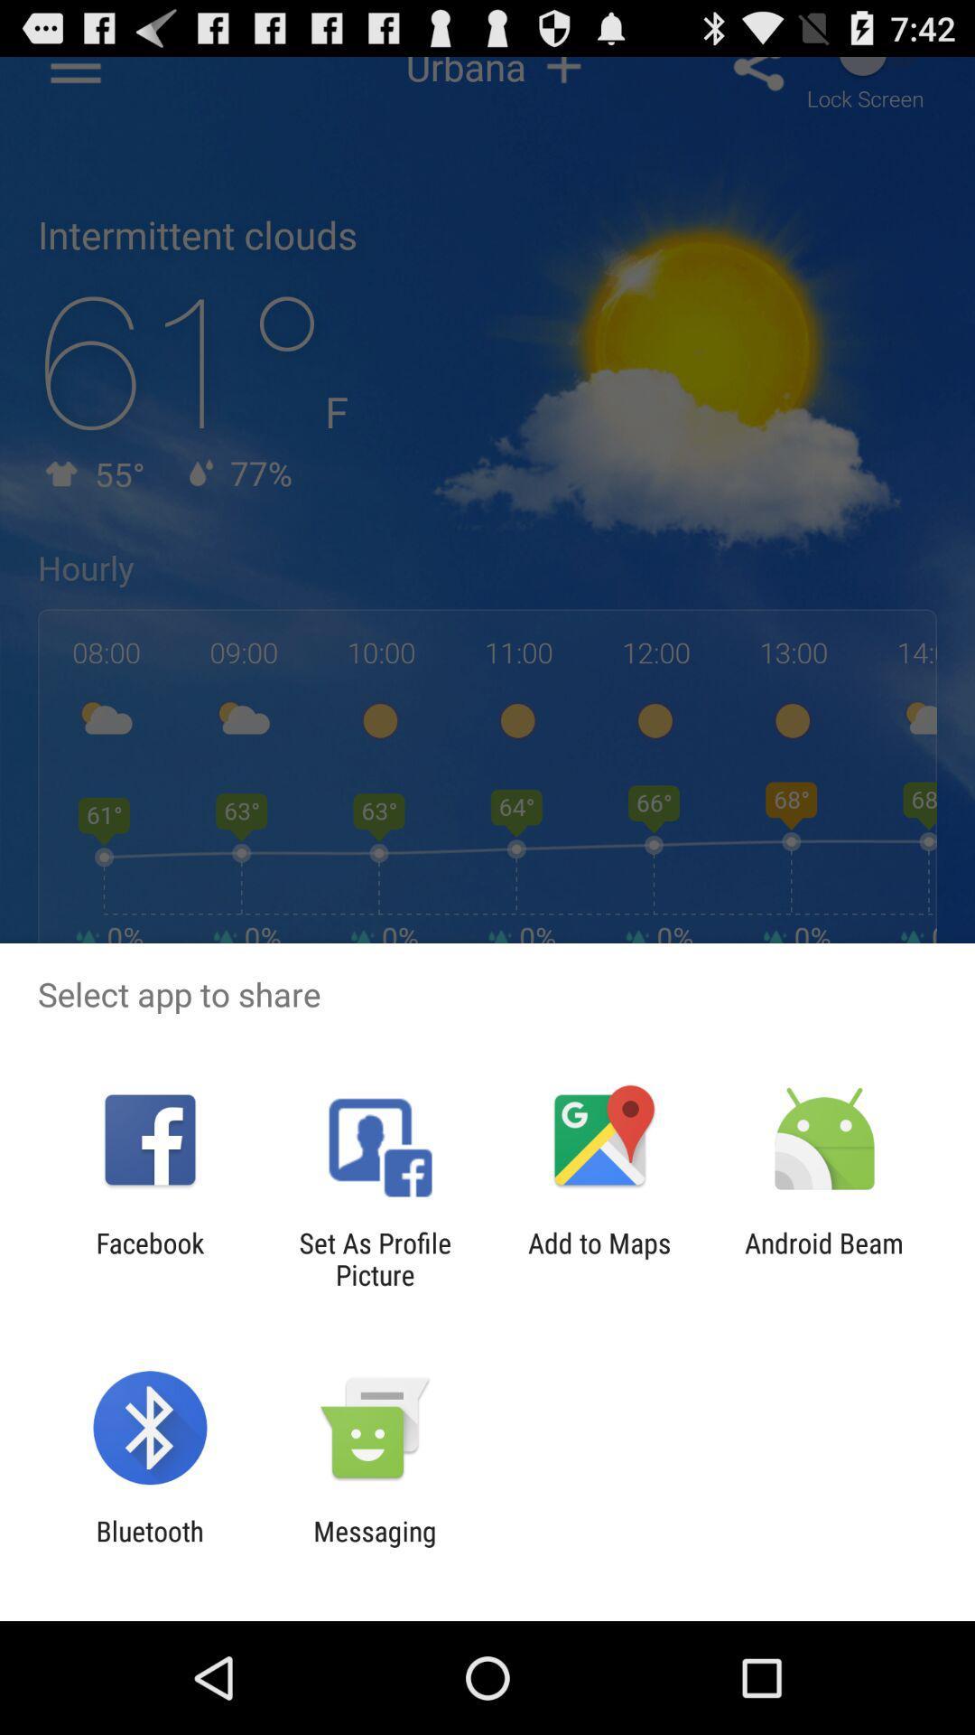 The height and width of the screenshot is (1735, 975). I want to click on the icon to the right of set as profile item, so click(599, 1258).